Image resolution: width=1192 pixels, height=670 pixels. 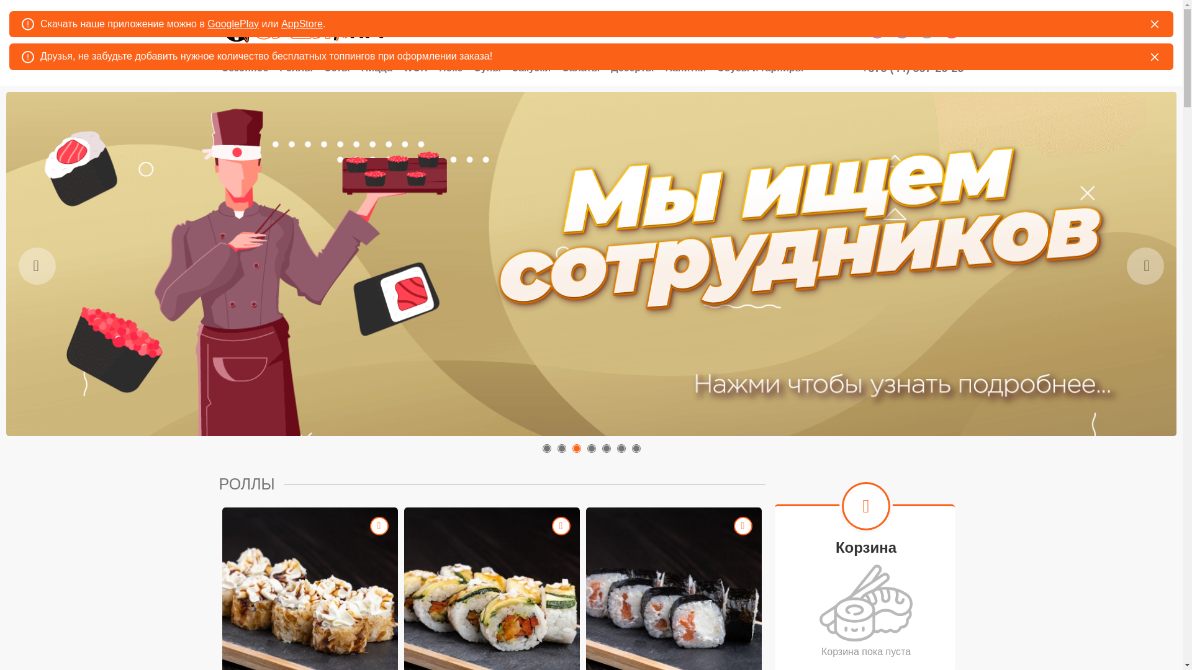 I want to click on 'WOK', so click(x=415, y=68).